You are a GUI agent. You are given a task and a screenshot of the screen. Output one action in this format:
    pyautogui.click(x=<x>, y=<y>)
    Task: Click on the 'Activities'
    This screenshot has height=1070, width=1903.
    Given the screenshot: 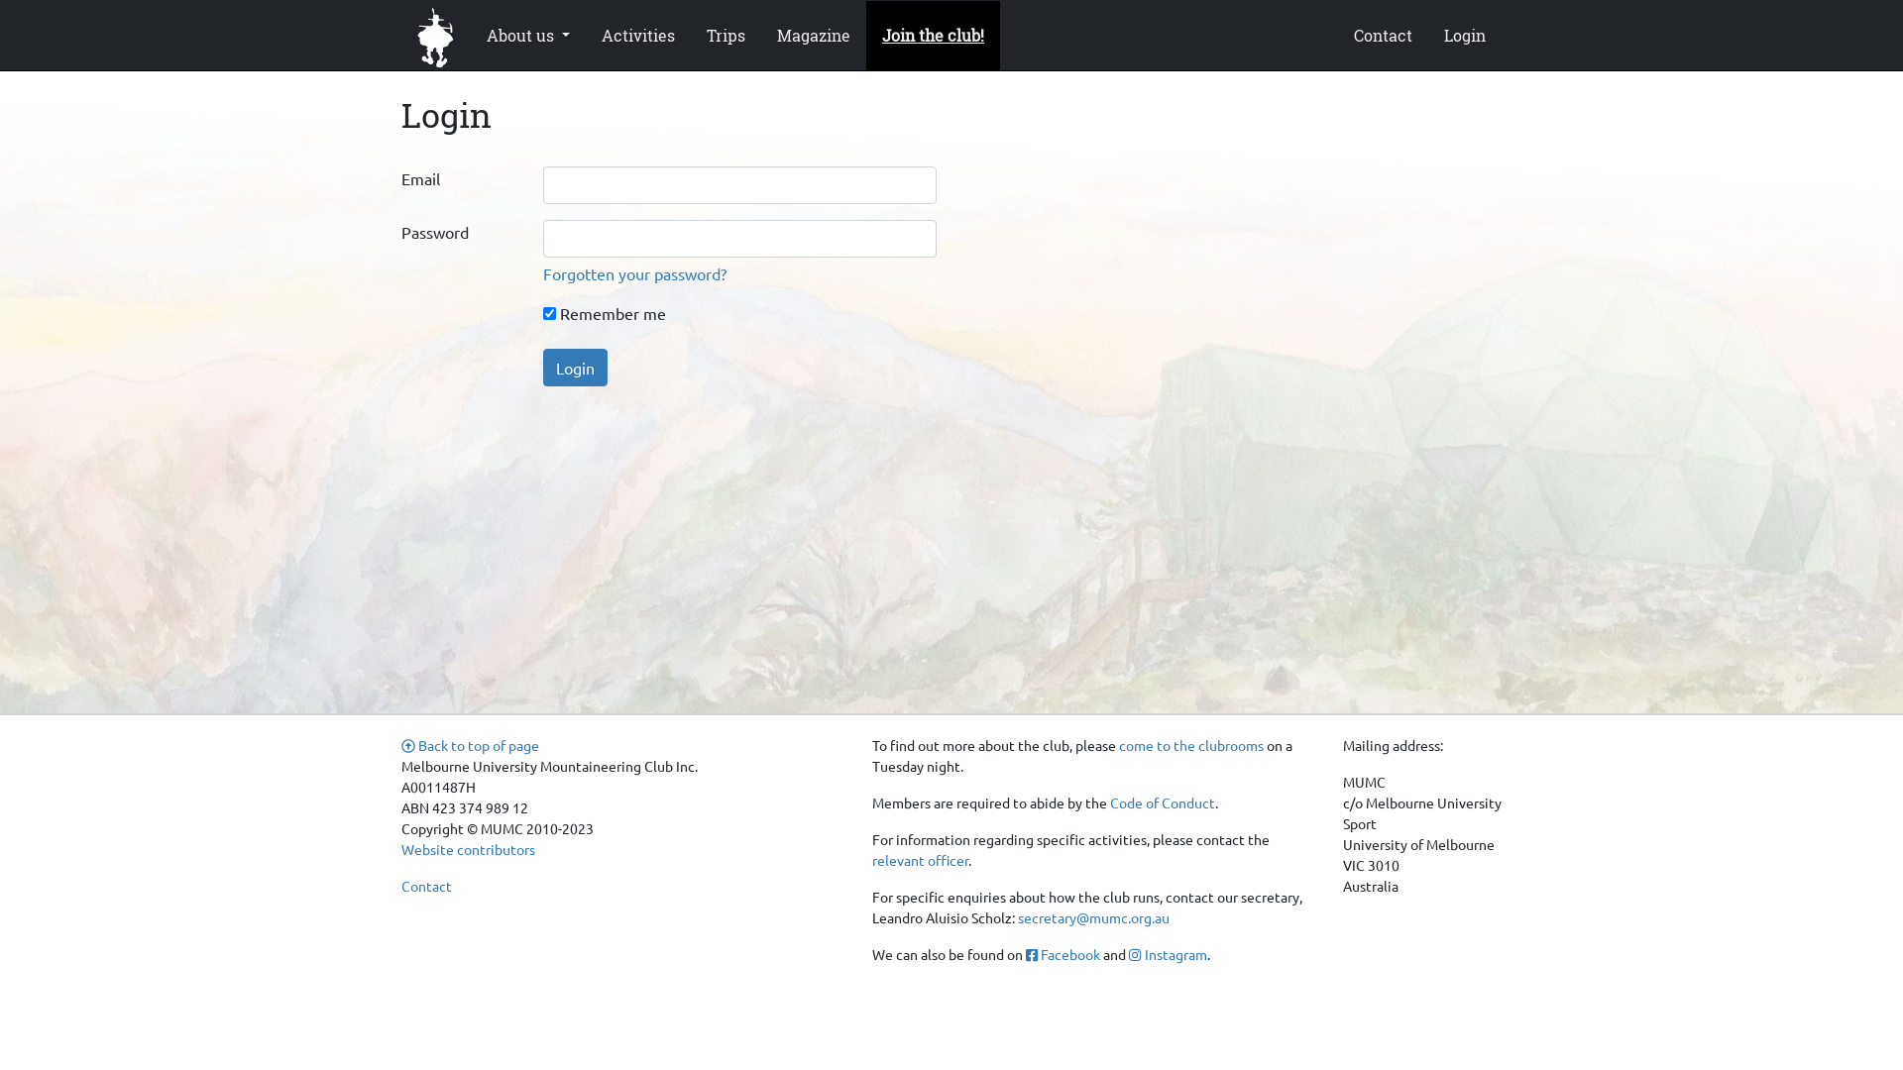 What is the action you would take?
    pyautogui.click(x=637, y=34)
    